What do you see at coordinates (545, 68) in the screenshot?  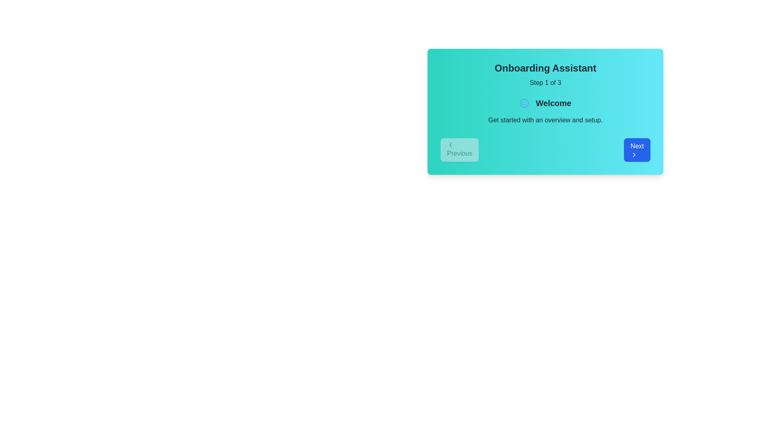 I see `the Static text display that shows 'Onboarding Assistant' in bold and large font, located at the top of the card overlaying a light blue background` at bounding box center [545, 68].